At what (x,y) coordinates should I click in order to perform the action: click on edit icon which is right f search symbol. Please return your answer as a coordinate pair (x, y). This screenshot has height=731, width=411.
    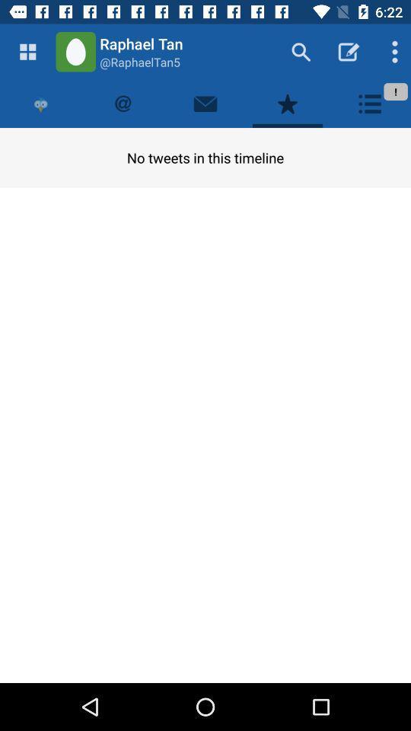
    Looking at the image, I should click on (349, 52).